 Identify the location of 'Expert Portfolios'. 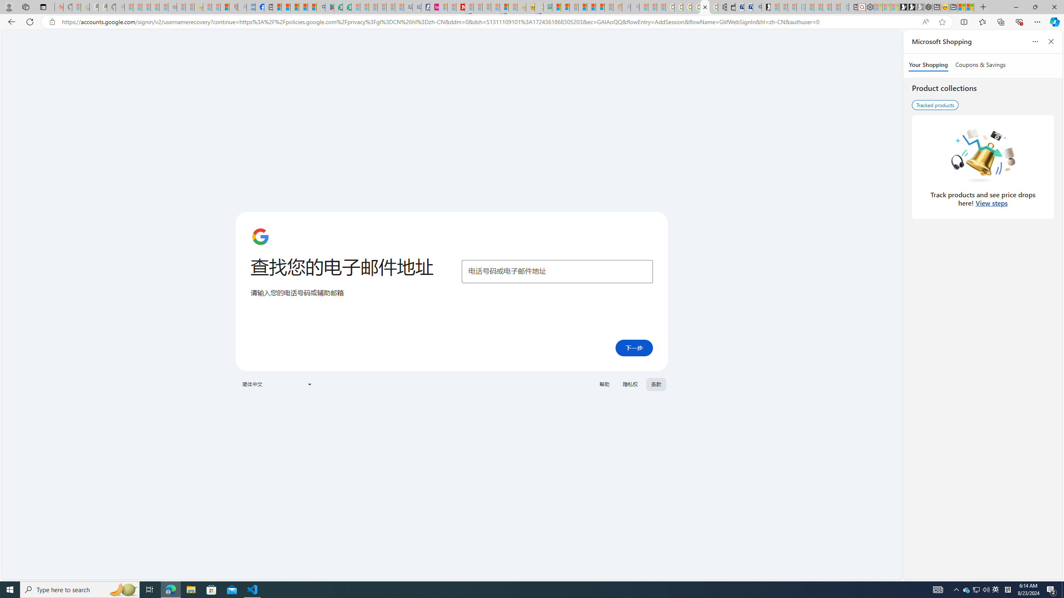
(582, 7).